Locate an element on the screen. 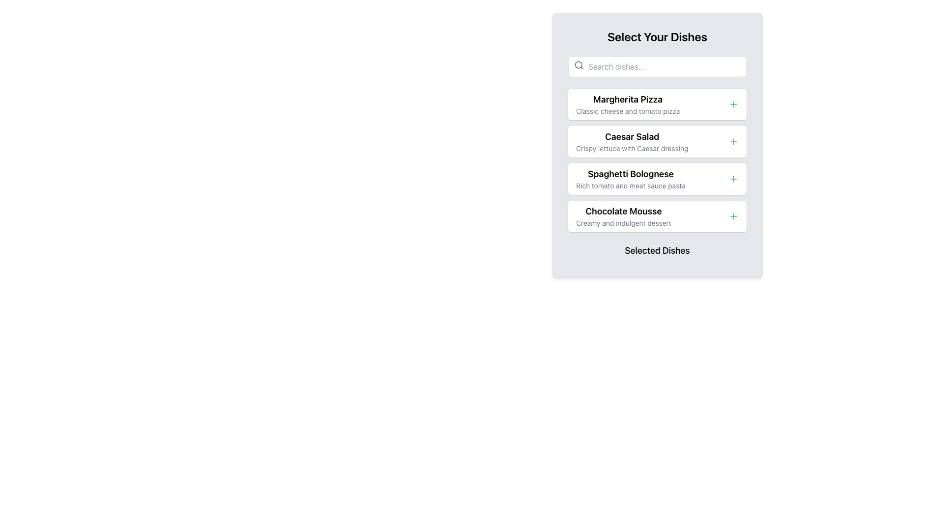 This screenshot has width=943, height=530. the text display element that shows 'Caesar Salad' with the description 'Crispy lettuce with Caesar dressing' under the 'Select Your Dishes' section is located at coordinates (632, 142).